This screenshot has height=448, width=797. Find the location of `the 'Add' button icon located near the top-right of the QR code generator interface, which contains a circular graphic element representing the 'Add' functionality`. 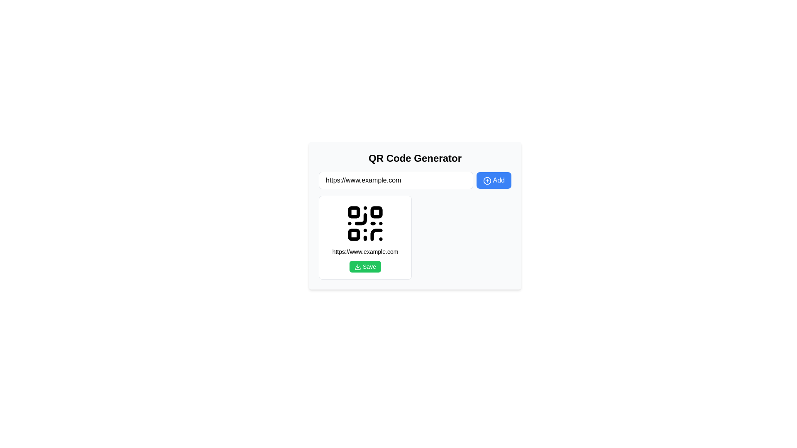

the 'Add' button icon located near the top-right of the QR code generator interface, which contains a circular graphic element representing the 'Add' functionality is located at coordinates (487, 180).